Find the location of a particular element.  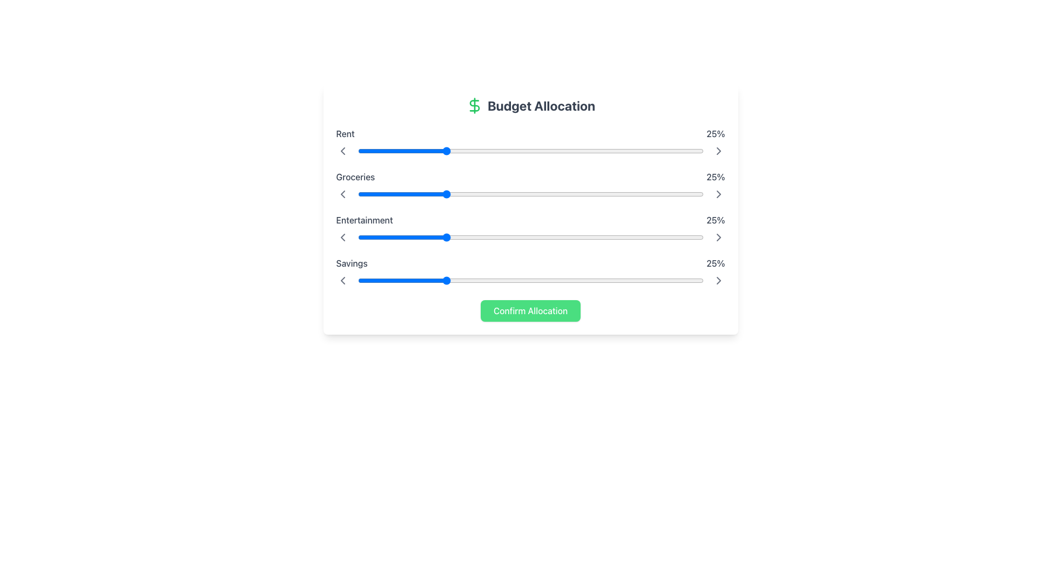

the slider value is located at coordinates (451, 236).